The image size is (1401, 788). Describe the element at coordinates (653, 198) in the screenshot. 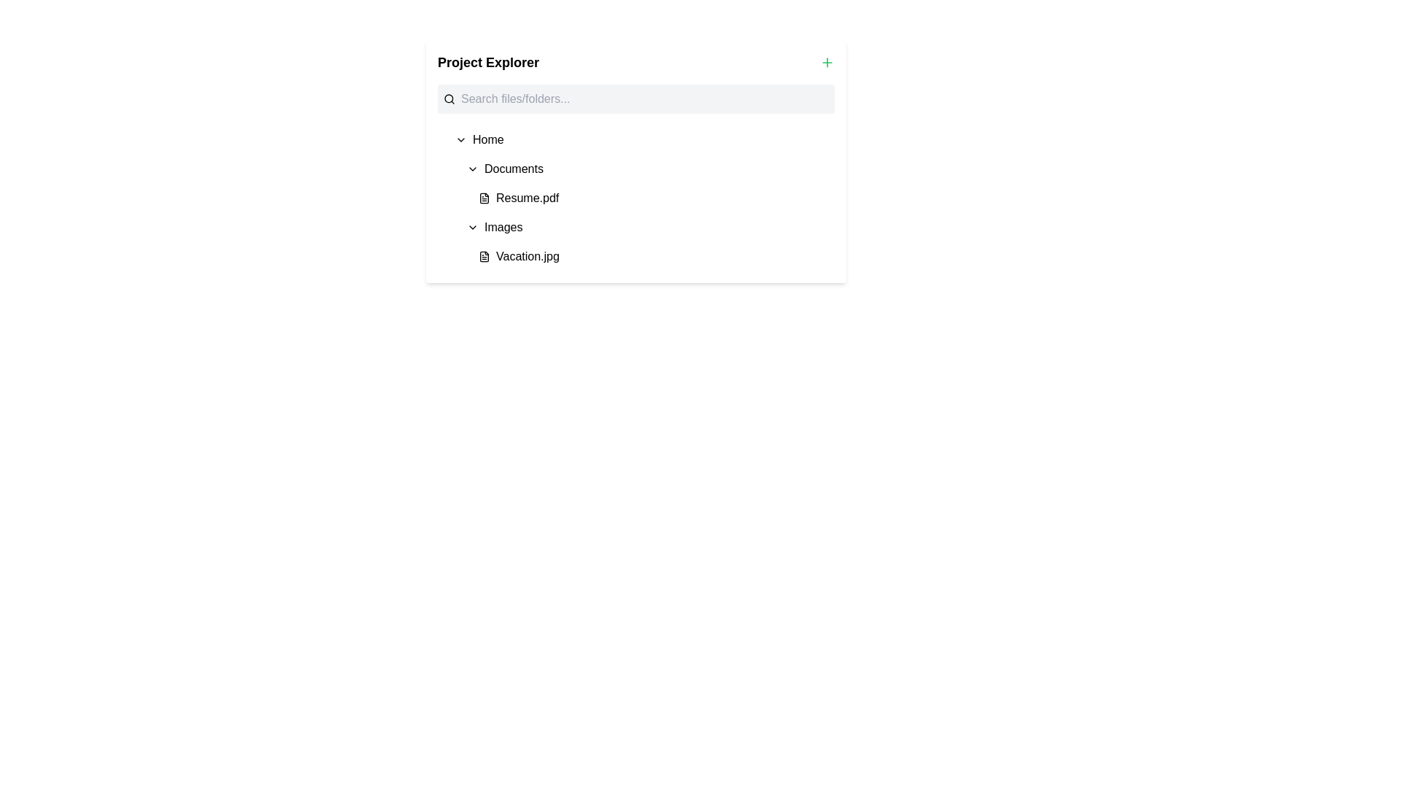

I see `the list item representing the file 'Resume.pdf'` at that location.